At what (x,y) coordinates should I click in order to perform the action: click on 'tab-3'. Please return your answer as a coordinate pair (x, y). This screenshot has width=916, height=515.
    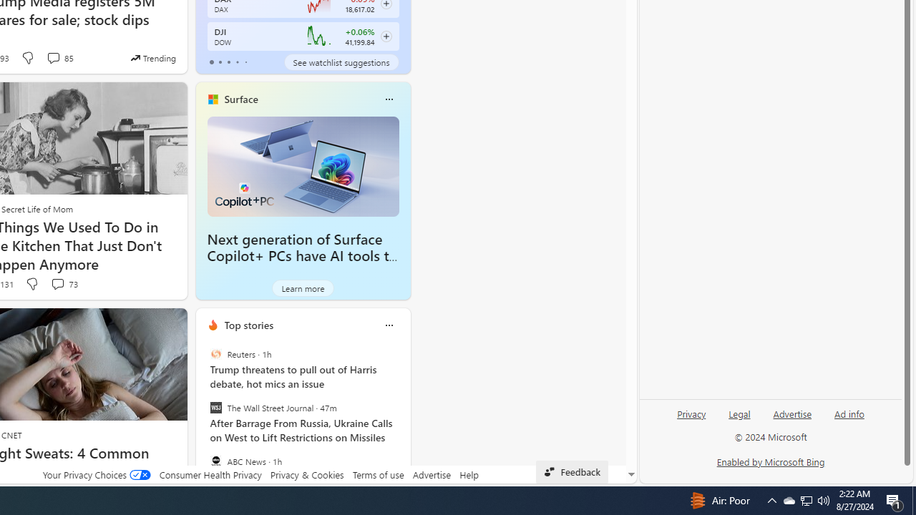
    Looking at the image, I should click on (237, 62).